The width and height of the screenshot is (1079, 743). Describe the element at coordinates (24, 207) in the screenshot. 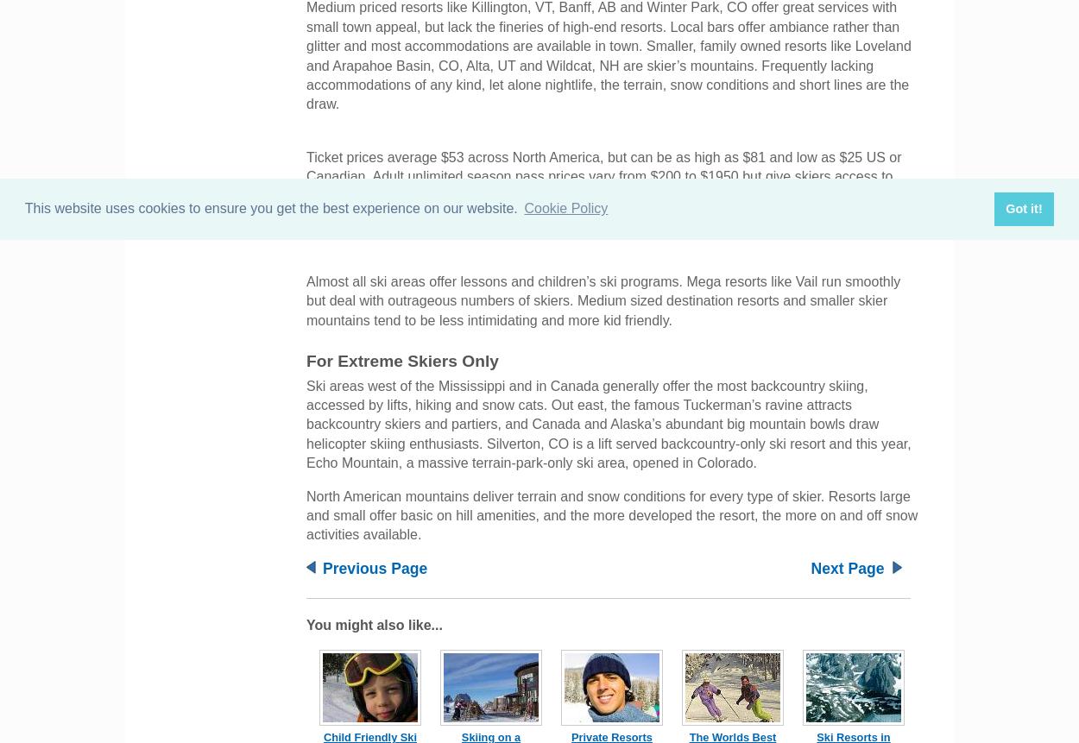

I see `'This website uses cookies to ensure you get the best experience on our website.'` at that location.